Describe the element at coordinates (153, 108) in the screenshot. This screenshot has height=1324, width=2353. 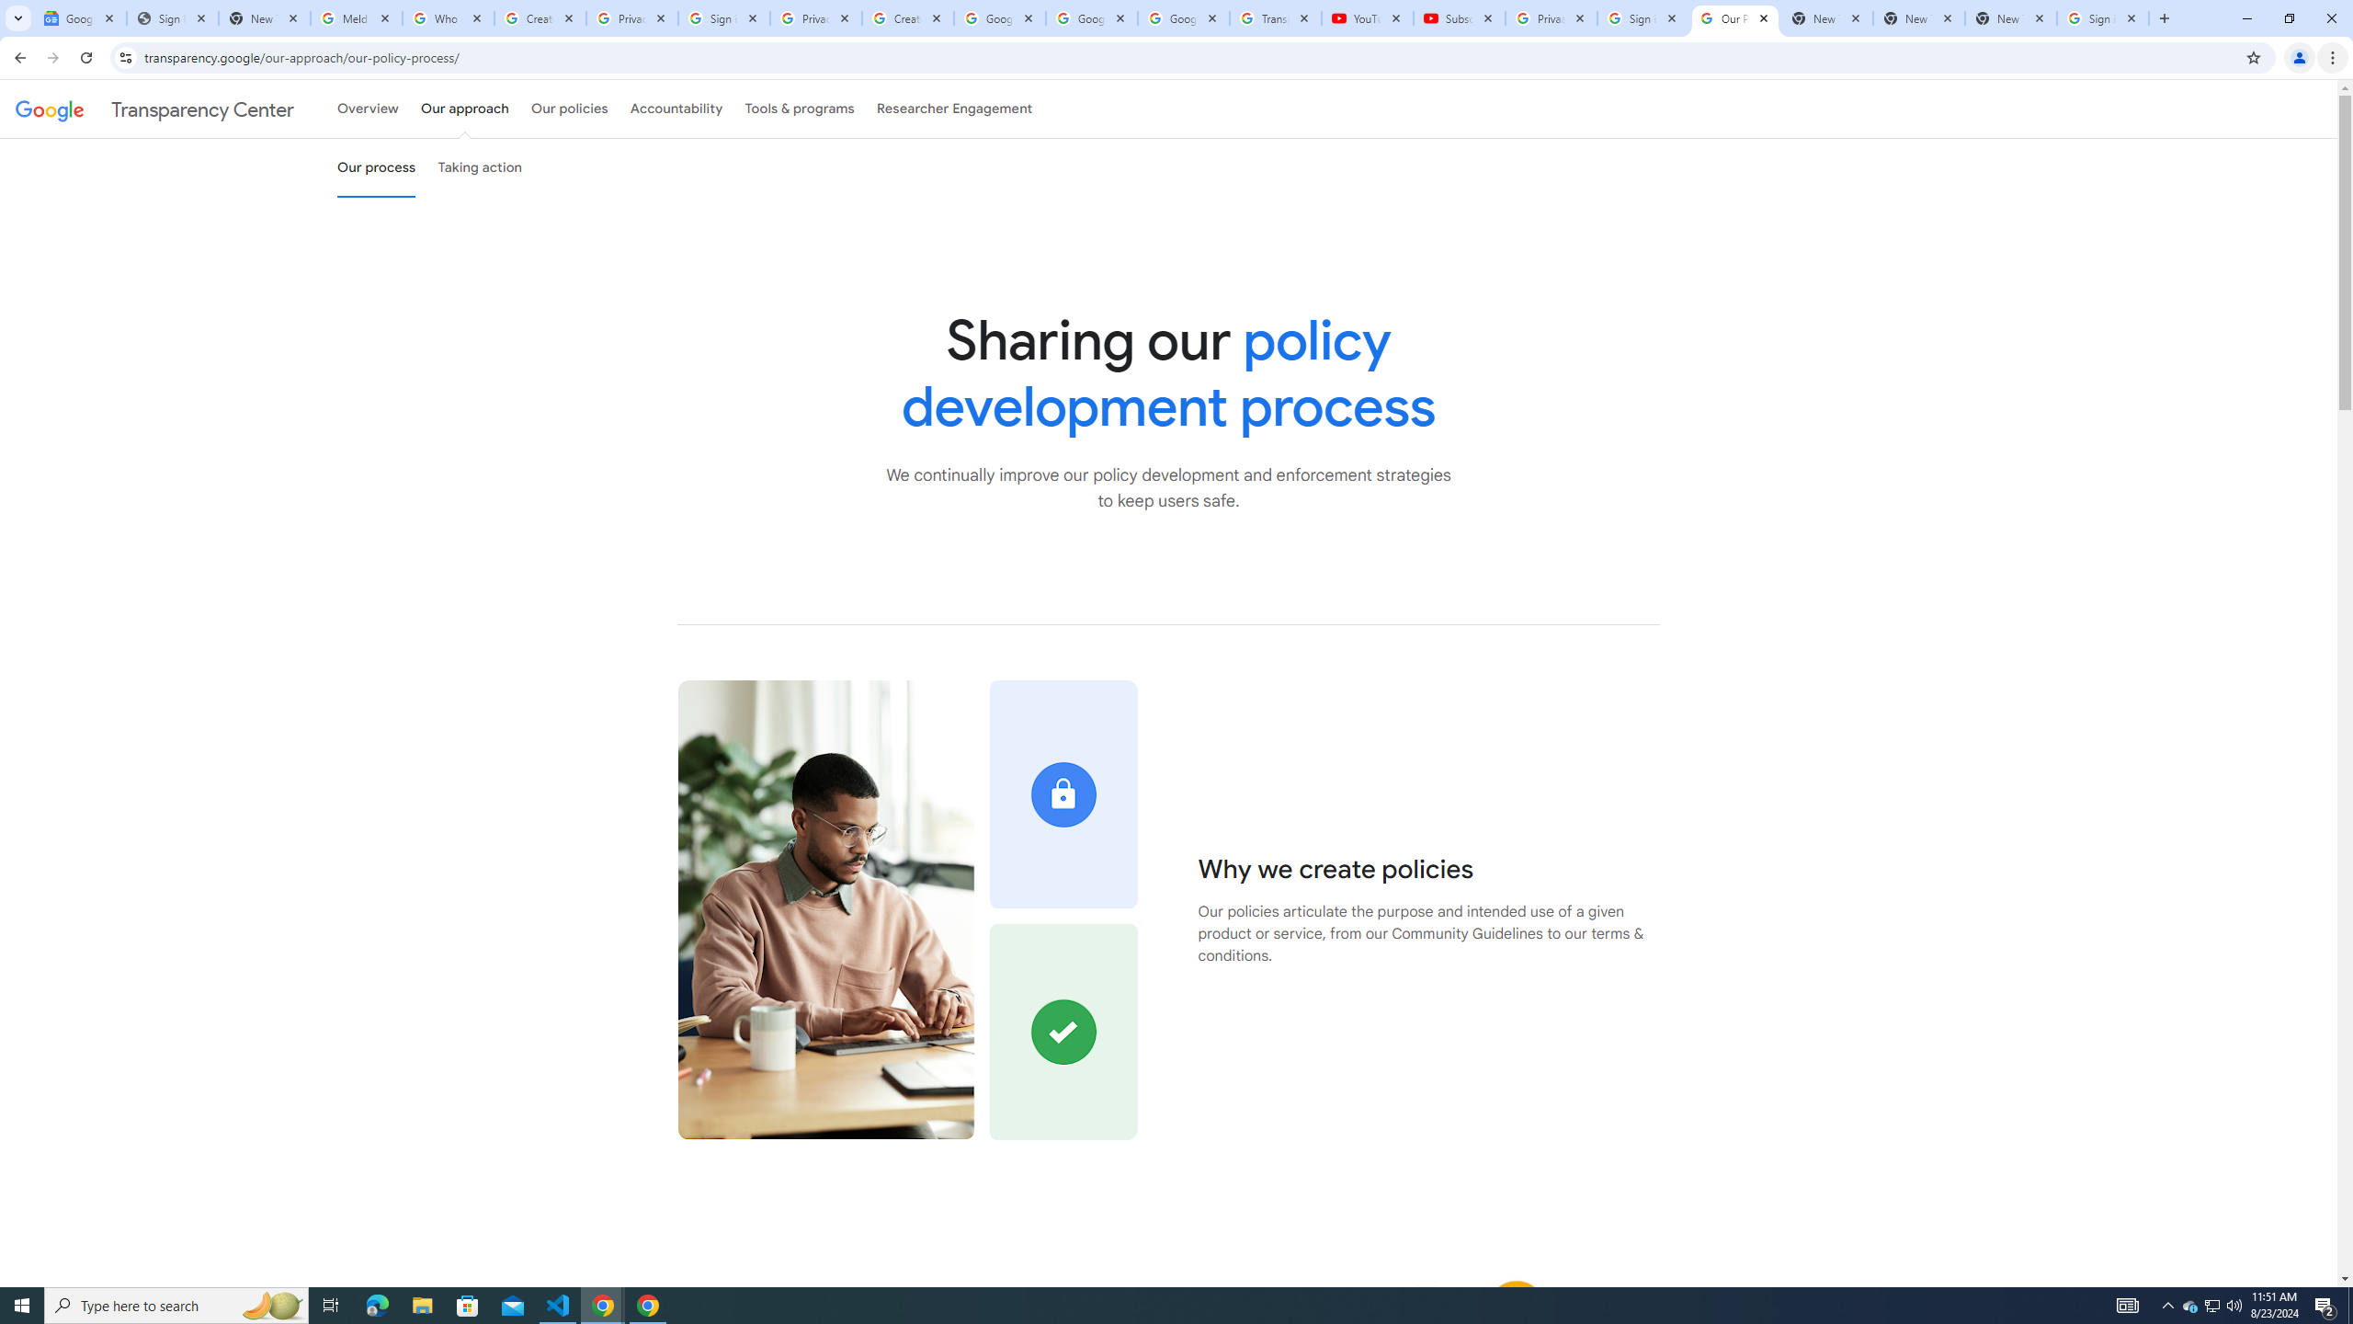
I see `'Transparency Center'` at that location.